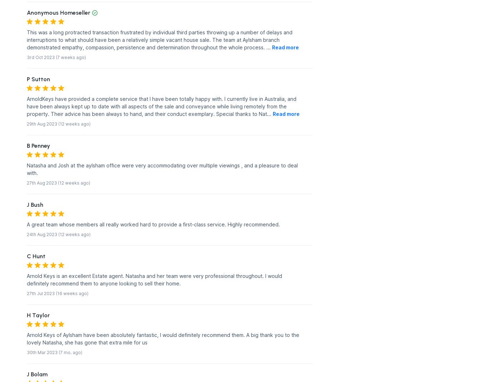 This screenshot has width=489, height=382. I want to click on 'J Bolam', so click(37, 374).